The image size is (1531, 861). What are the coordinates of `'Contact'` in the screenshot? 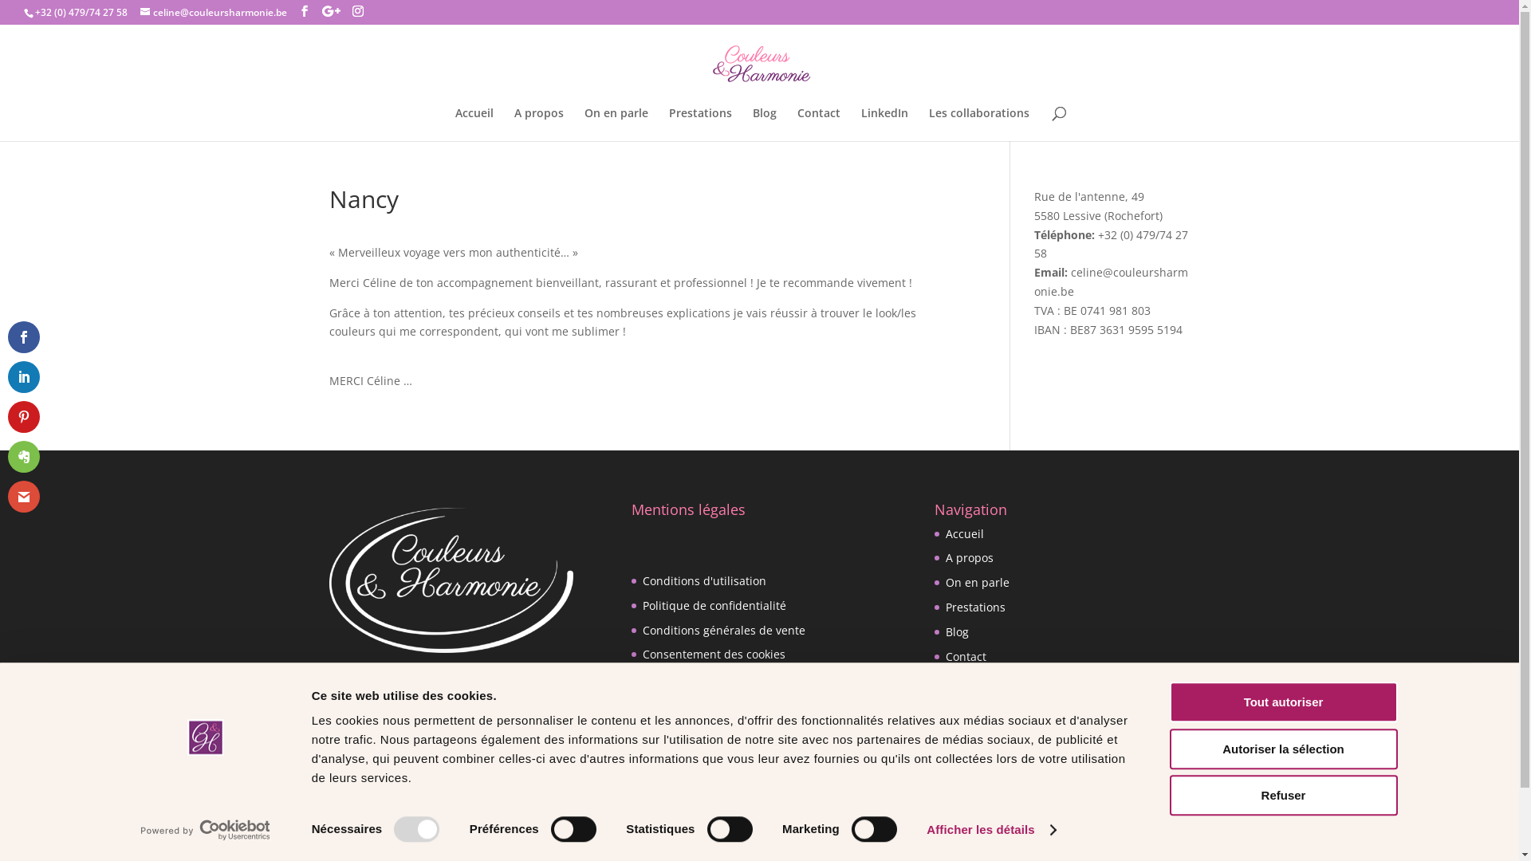 It's located at (965, 656).